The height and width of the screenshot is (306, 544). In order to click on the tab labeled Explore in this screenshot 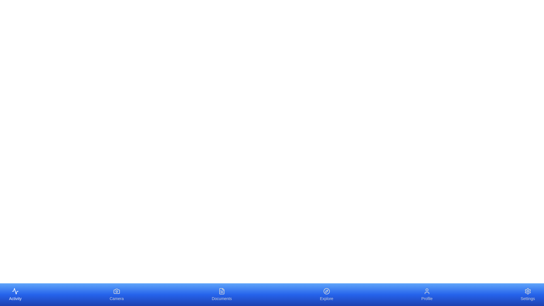, I will do `click(326, 294)`.